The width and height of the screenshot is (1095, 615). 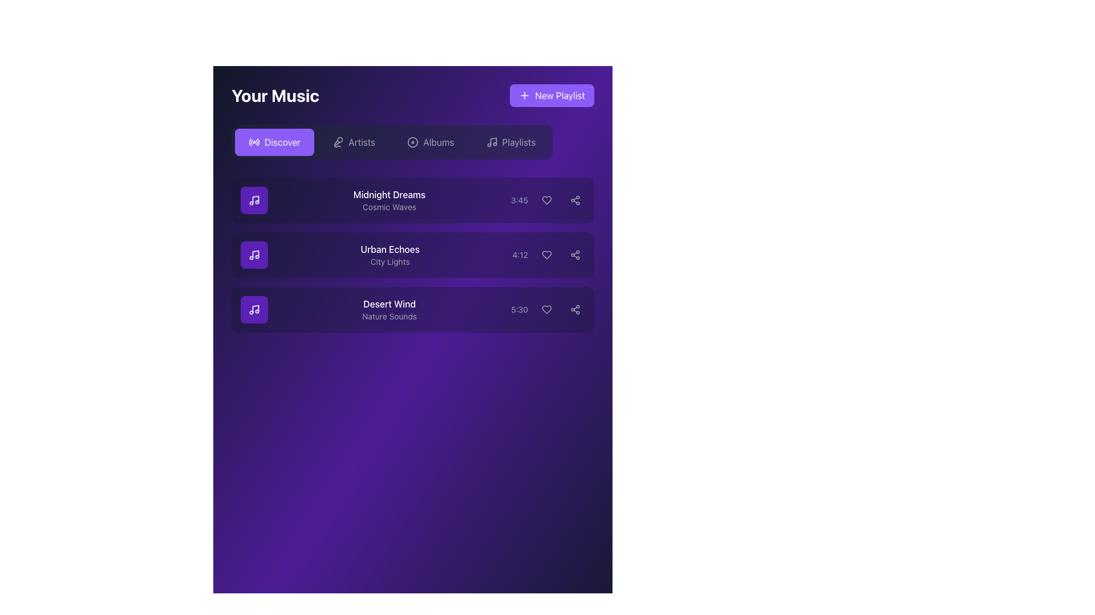 What do you see at coordinates (575, 199) in the screenshot?
I see `the circular share button with three connected dots, located to the far right in the row for the song 'Midnight Dreams', to share the item` at bounding box center [575, 199].